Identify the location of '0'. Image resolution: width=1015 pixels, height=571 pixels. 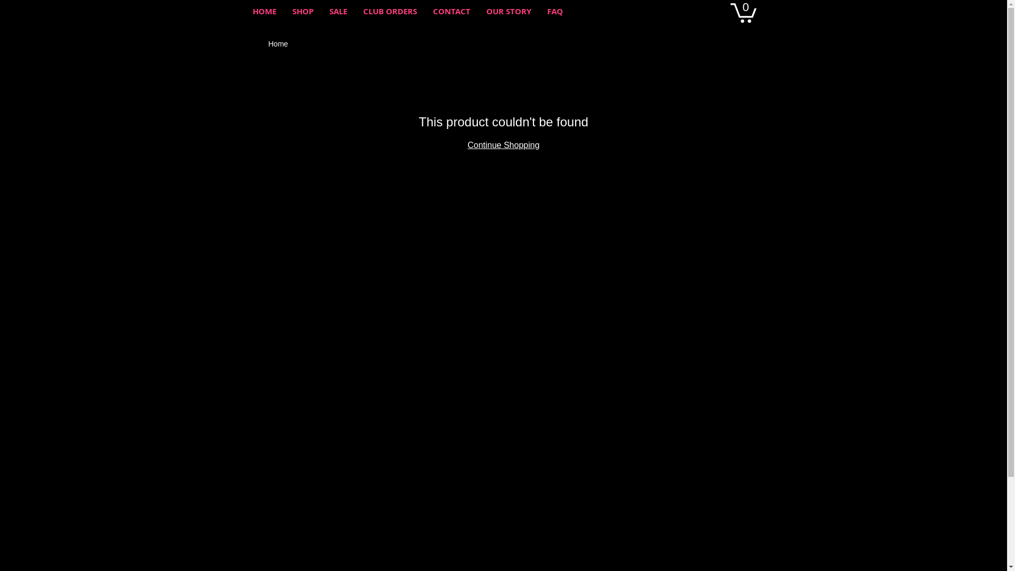
(743, 12).